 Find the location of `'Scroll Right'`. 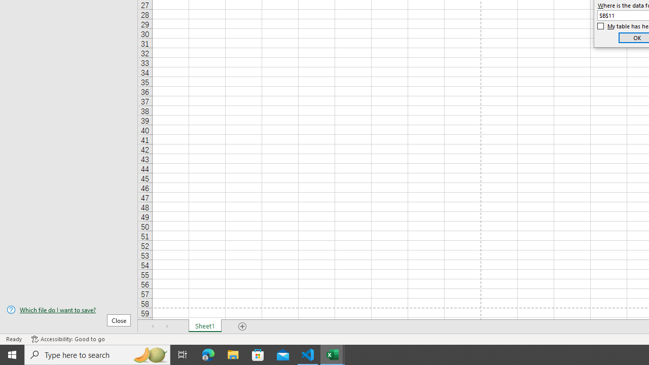

'Scroll Right' is located at coordinates (167, 326).